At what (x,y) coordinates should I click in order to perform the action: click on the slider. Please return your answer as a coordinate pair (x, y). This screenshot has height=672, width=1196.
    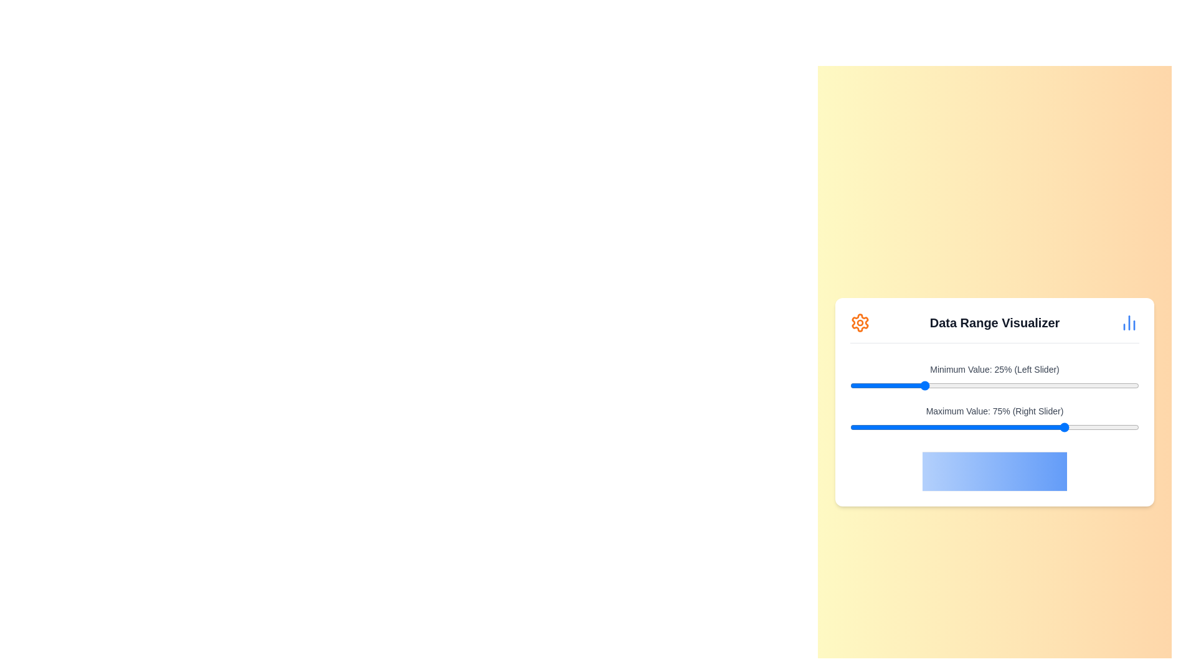
    Looking at the image, I should click on (965, 426).